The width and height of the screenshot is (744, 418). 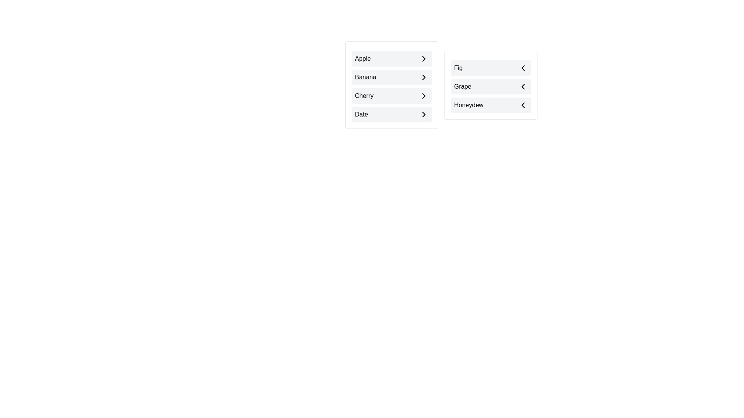 What do you see at coordinates (491, 86) in the screenshot?
I see `the item Grape in the list` at bounding box center [491, 86].